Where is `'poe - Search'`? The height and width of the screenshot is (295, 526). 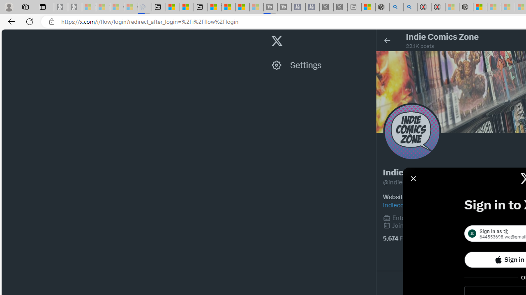
'poe - Search' is located at coordinates (396, 7).